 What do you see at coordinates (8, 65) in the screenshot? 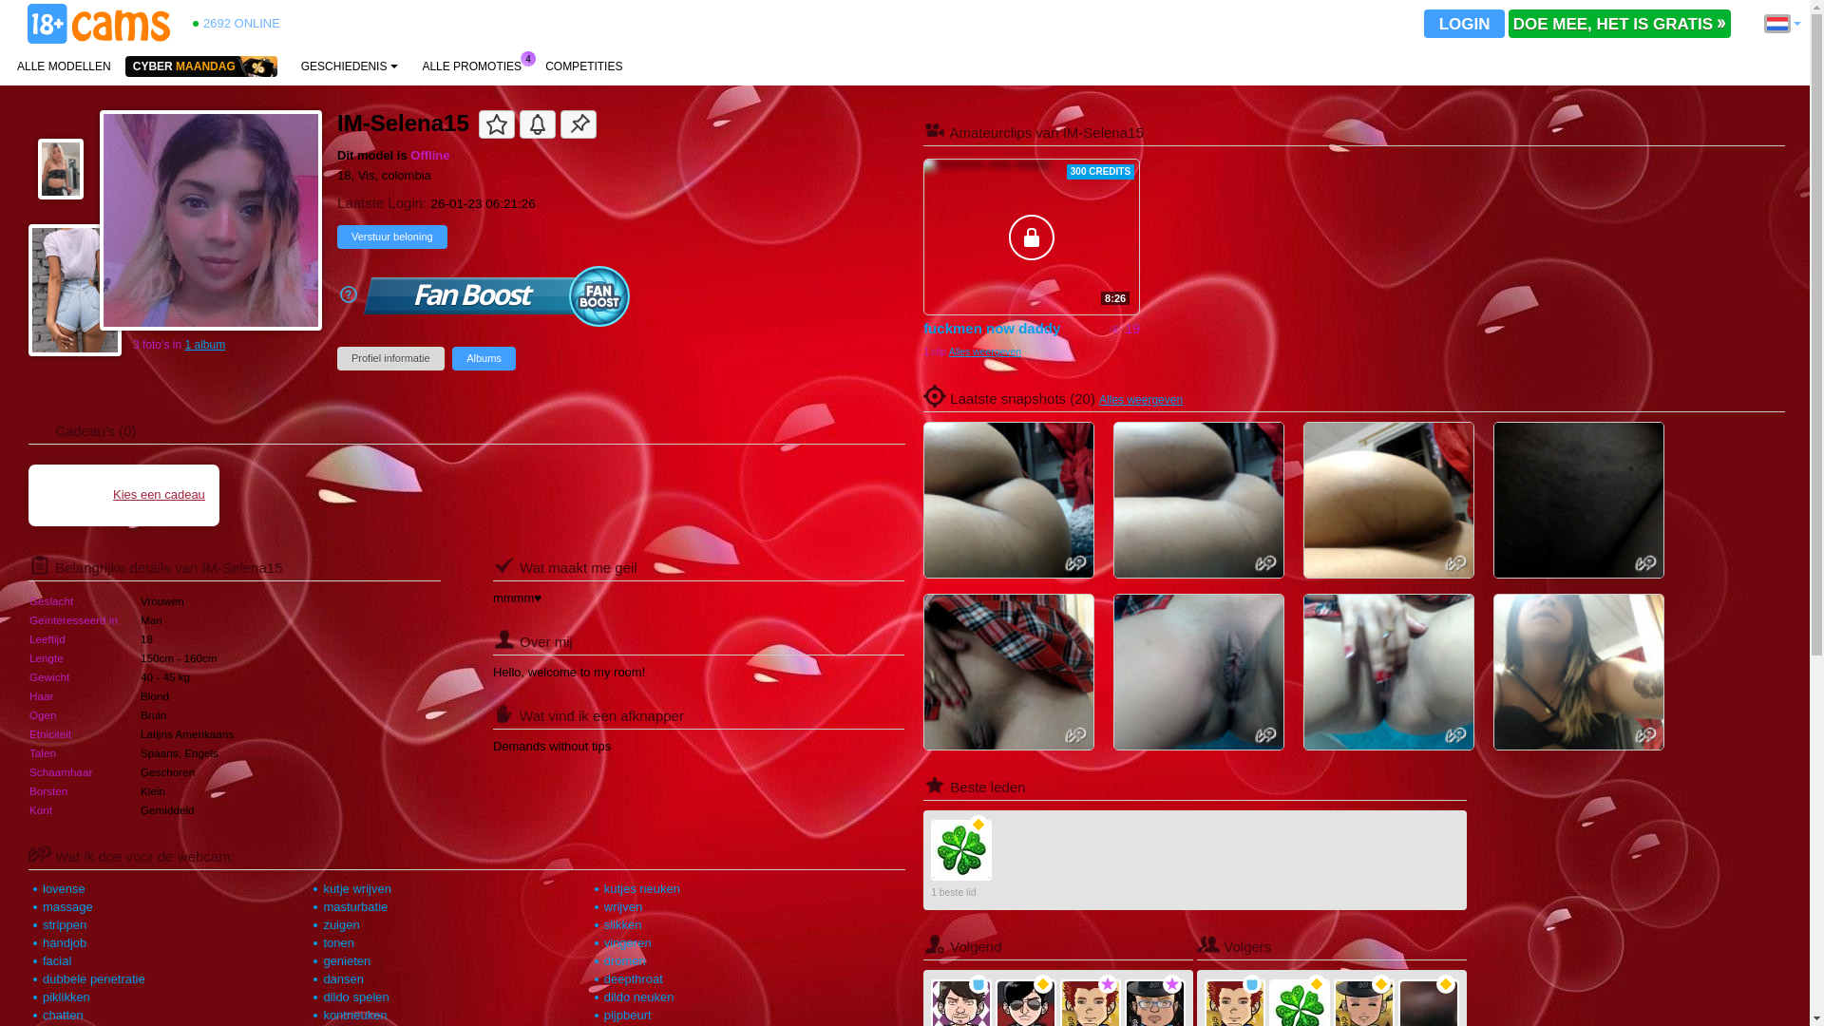
I see `'ALLE MODELLEN'` at bounding box center [8, 65].